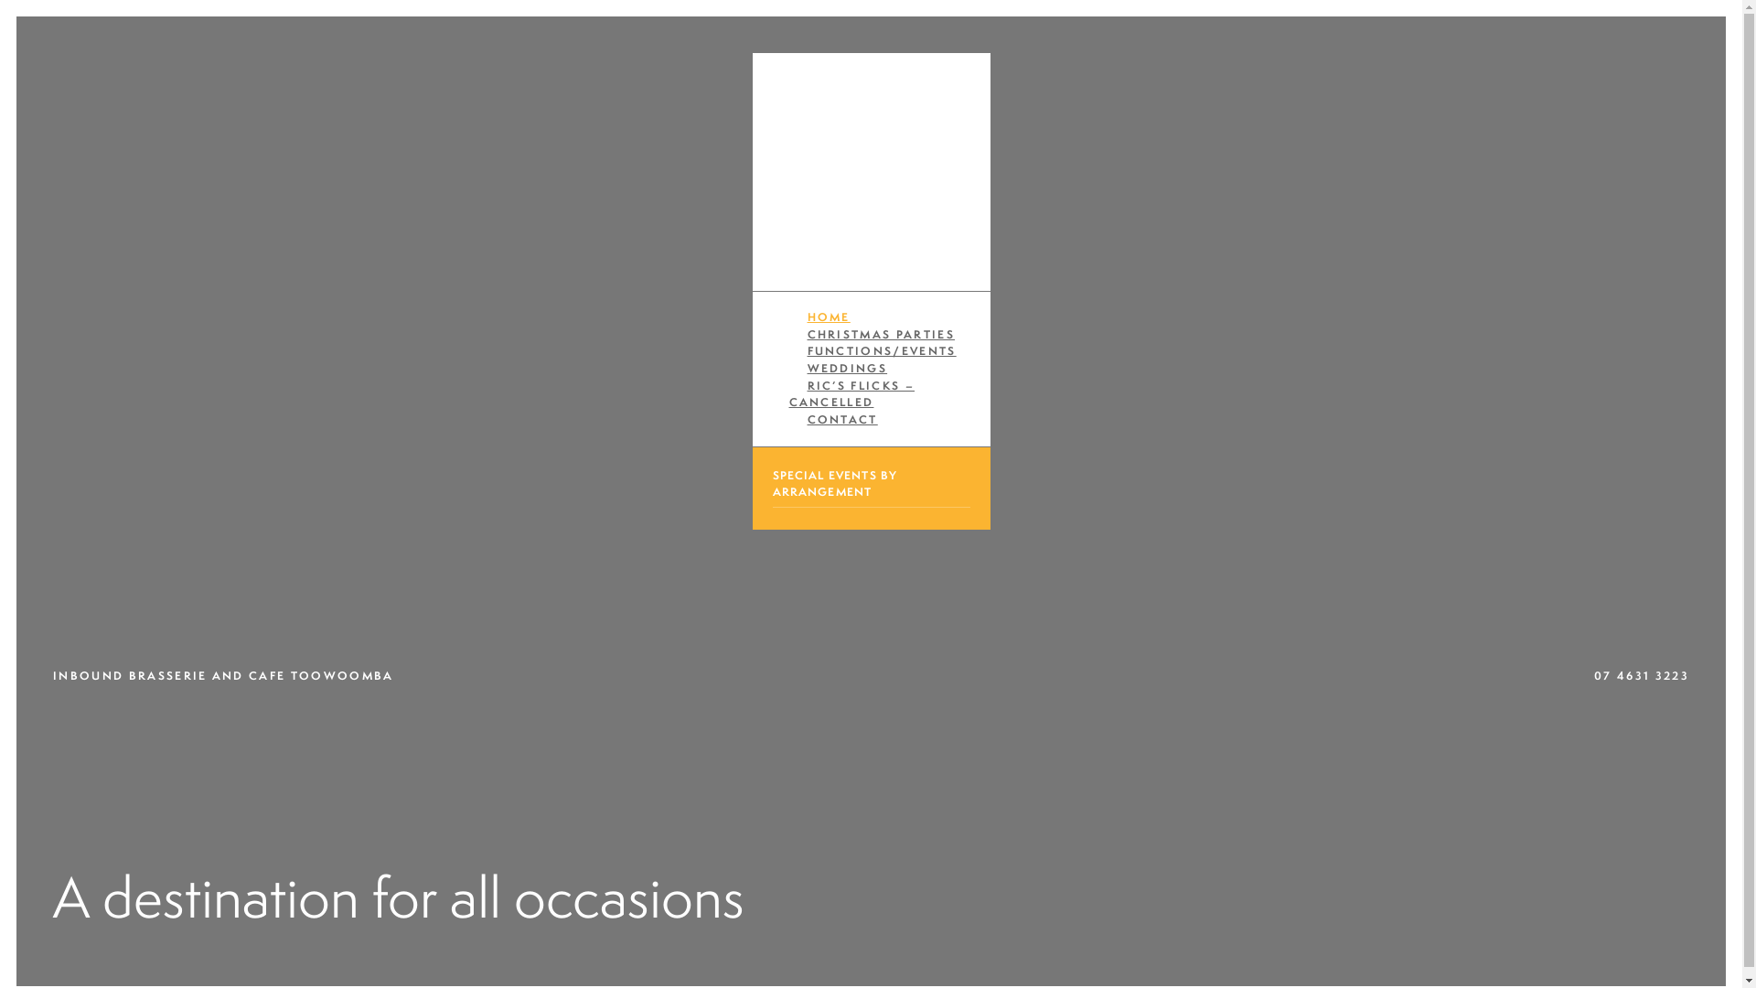 This screenshot has width=1756, height=988. I want to click on 'FUNCTIONS/EVENTS', so click(881, 350).